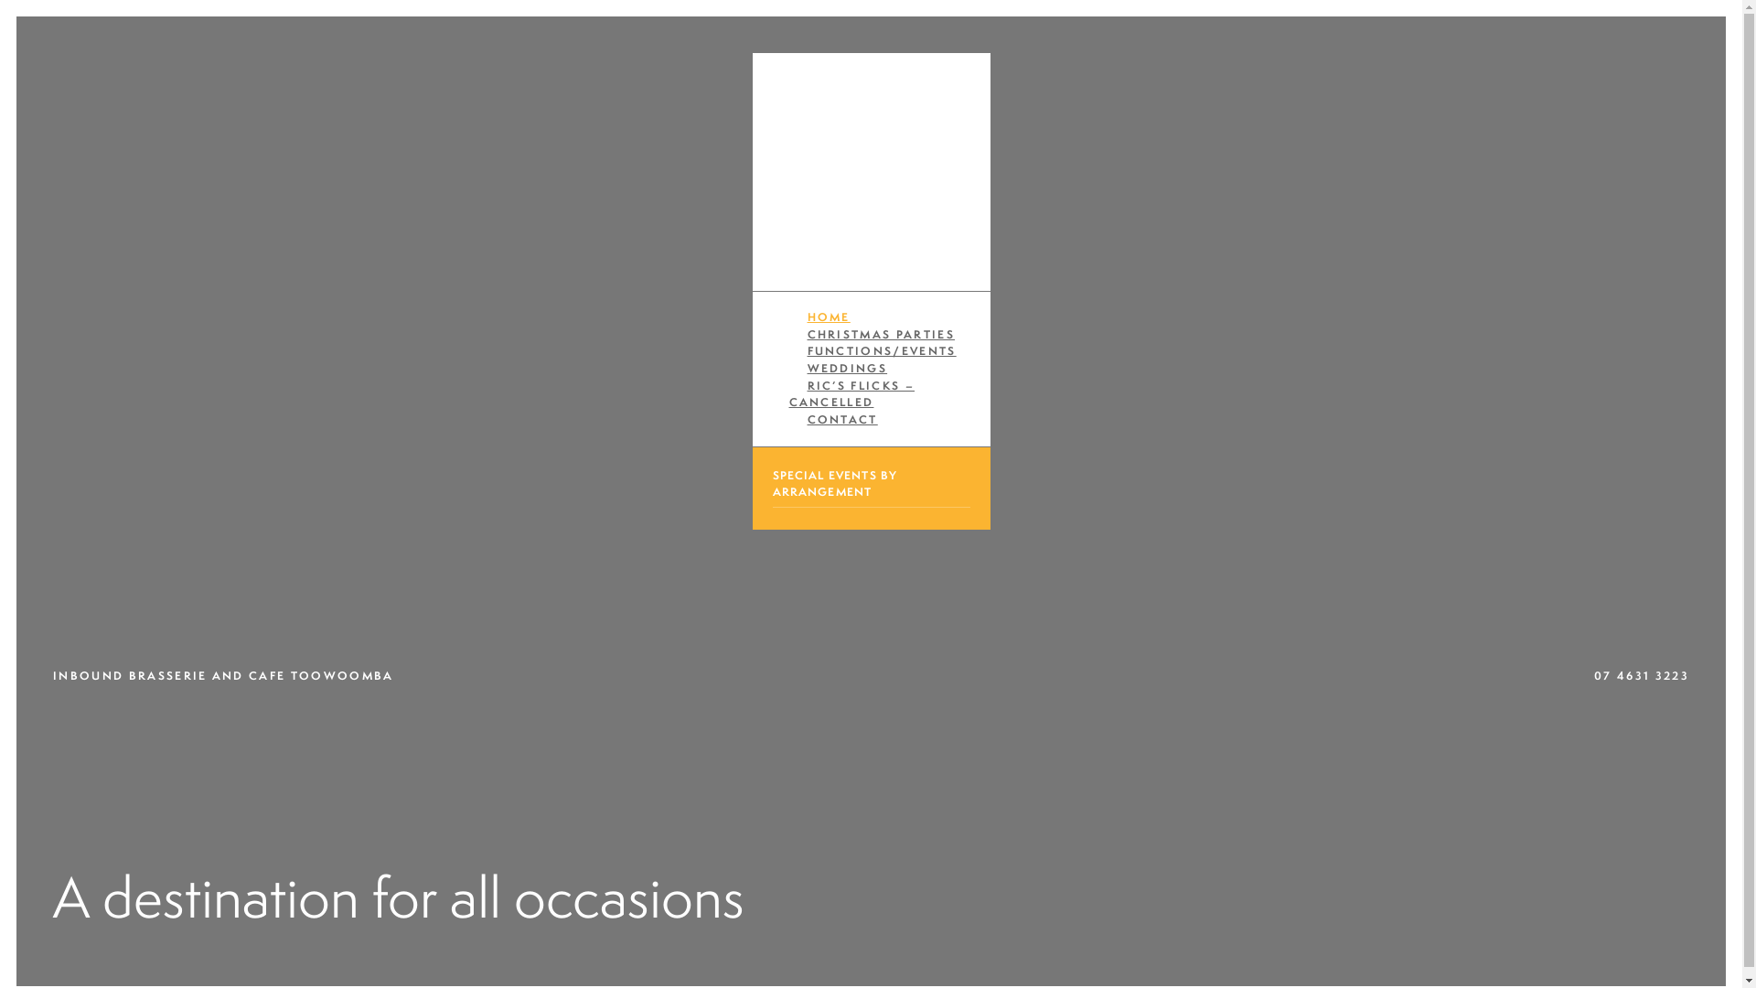 This screenshot has width=1756, height=988. I want to click on 'FUNCTIONS/EVENTS', so click(881, 350).